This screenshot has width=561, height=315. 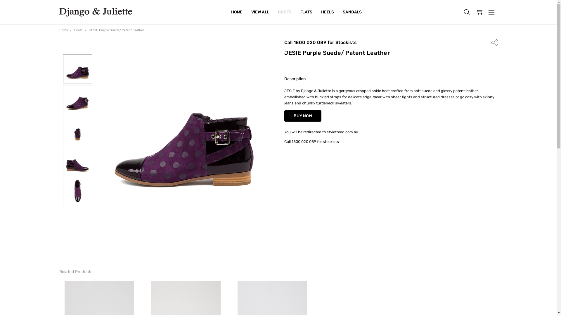 What do you see at coordinates (306, 12) in the screenshot?
I see `'FLATS'` at bounding box center [306, 12].